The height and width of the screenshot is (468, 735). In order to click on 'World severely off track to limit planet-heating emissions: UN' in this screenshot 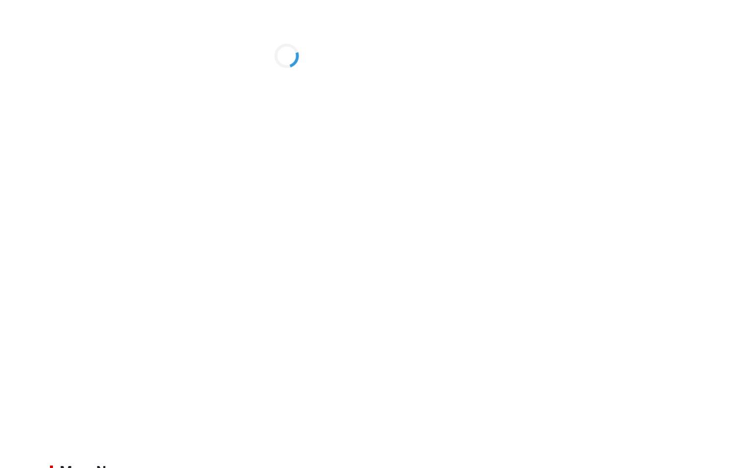, I will do `click(613, 222)`.